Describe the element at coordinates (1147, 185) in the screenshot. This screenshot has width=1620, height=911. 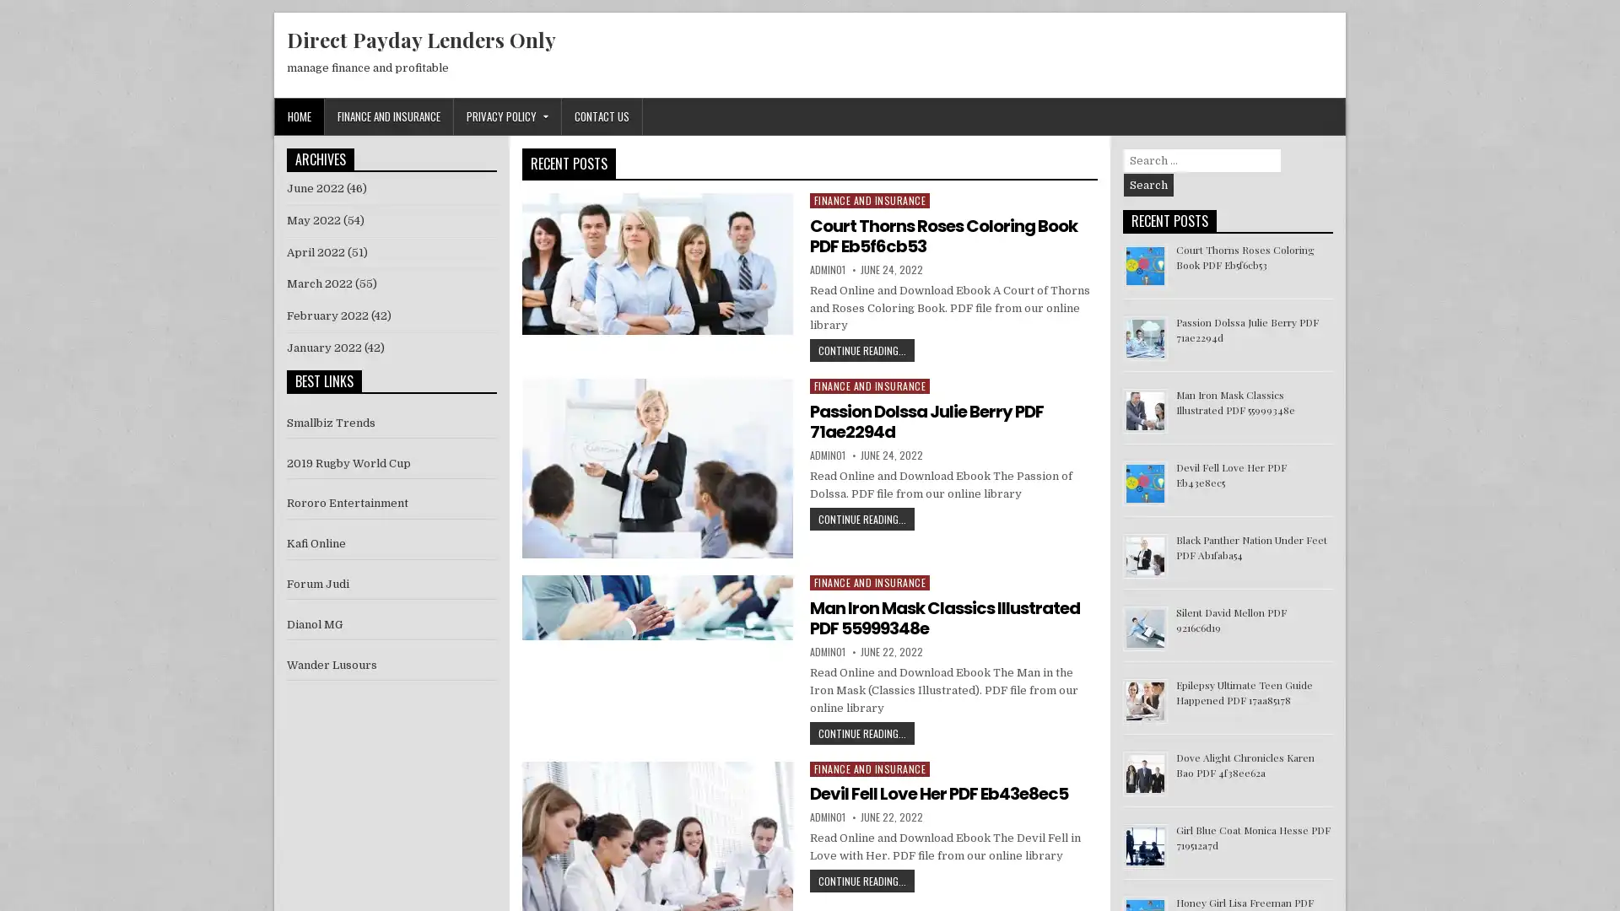
I see `Search` at that location.